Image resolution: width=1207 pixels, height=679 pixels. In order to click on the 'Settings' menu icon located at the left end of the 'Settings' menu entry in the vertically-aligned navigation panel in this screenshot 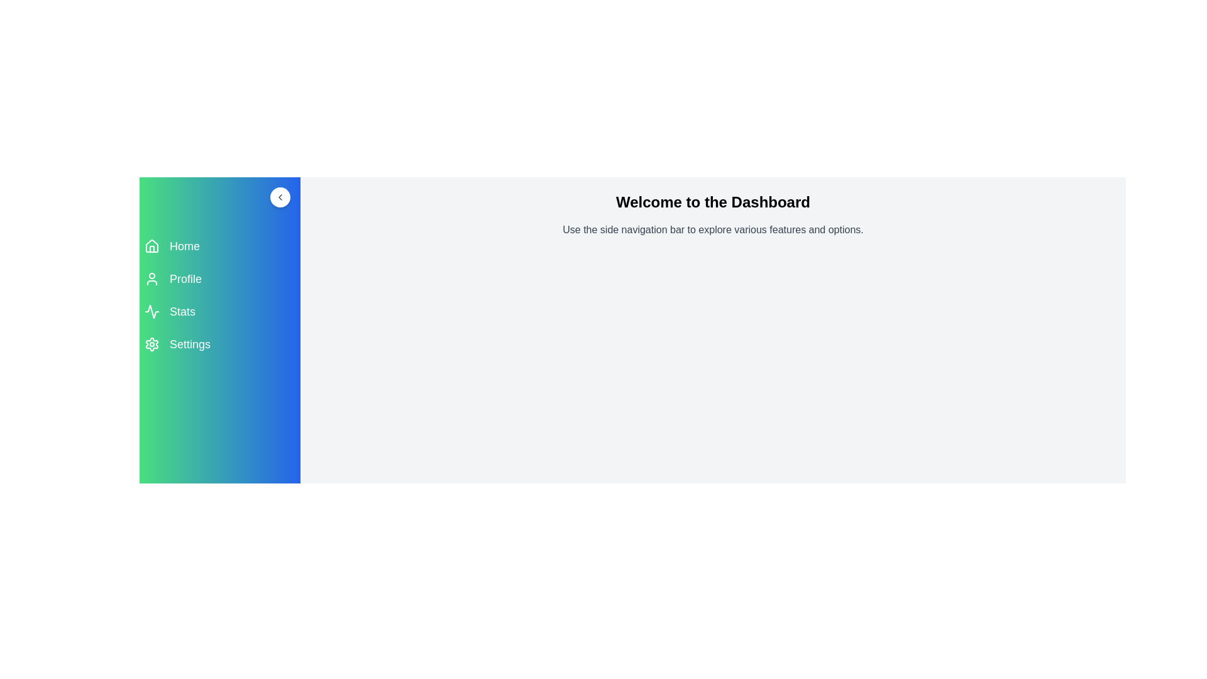, I will do `click(151, 344)`.